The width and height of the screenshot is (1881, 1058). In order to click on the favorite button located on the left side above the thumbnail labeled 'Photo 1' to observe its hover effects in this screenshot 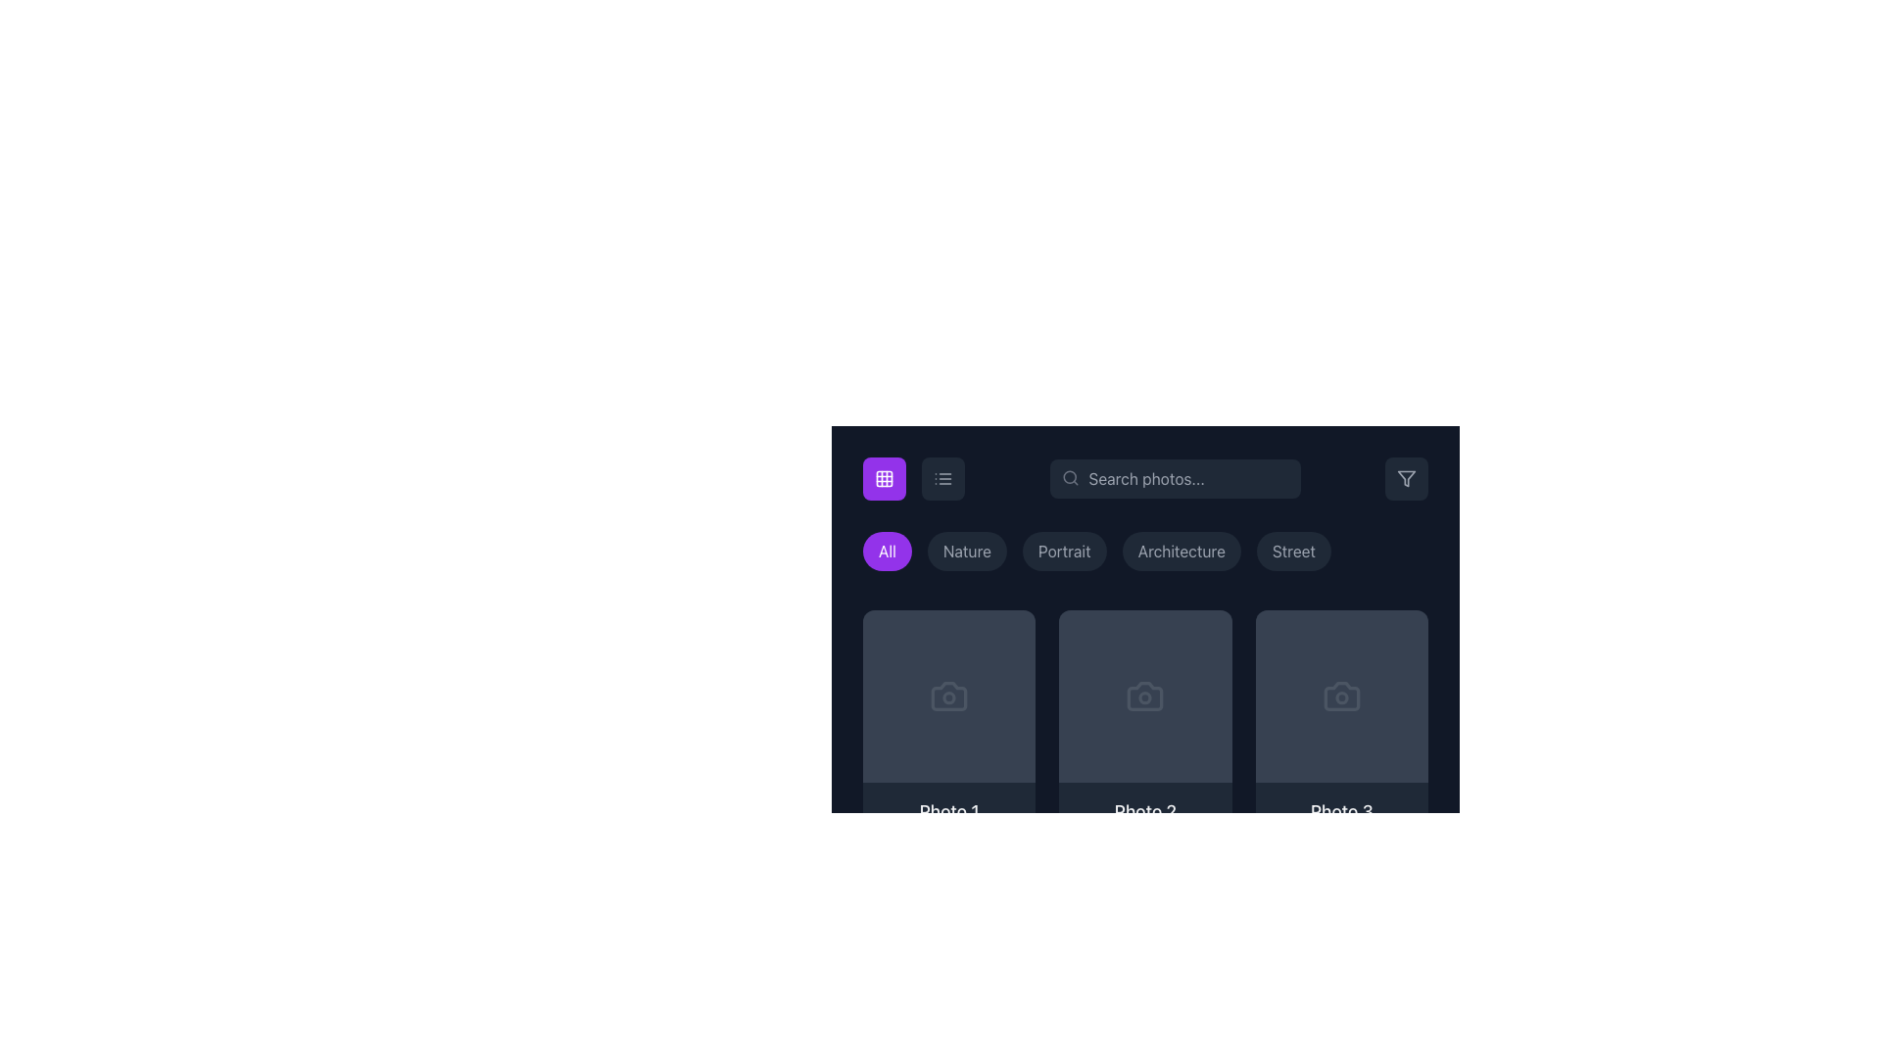, I will do `click(897, 696)`.